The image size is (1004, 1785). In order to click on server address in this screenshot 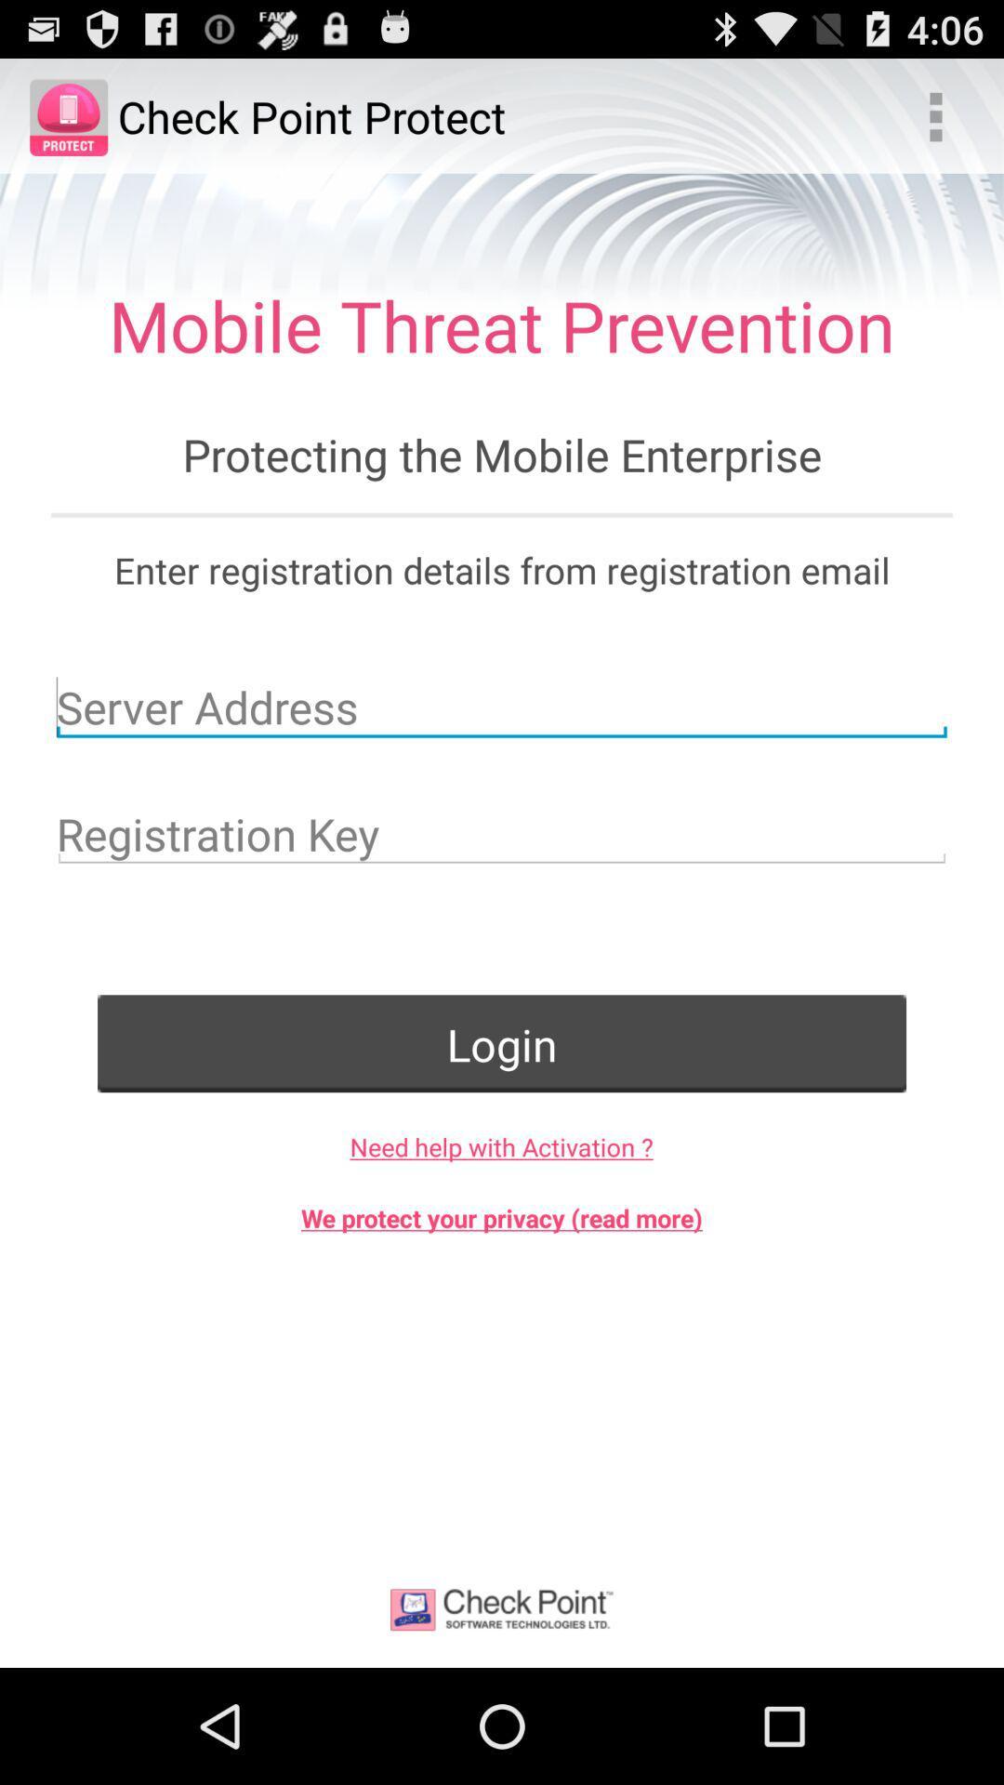, I will do `click(502, 706)`.